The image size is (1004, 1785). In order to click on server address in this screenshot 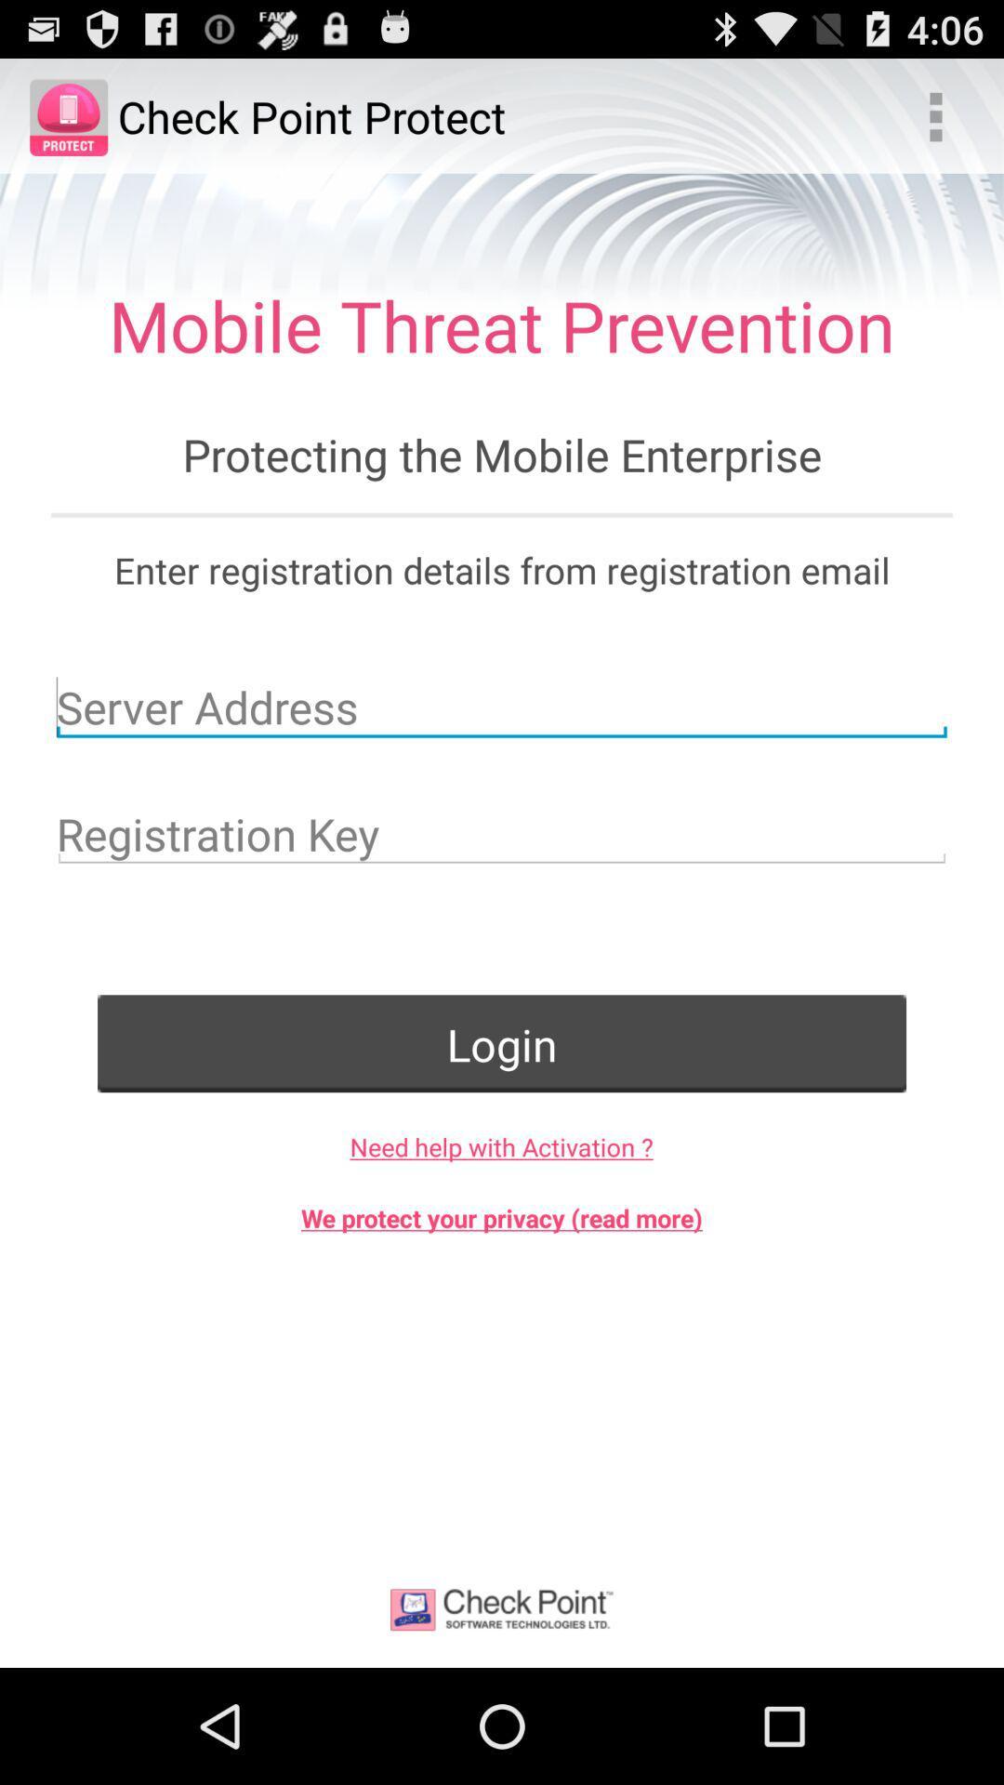, I will do `click(502, 706)`.